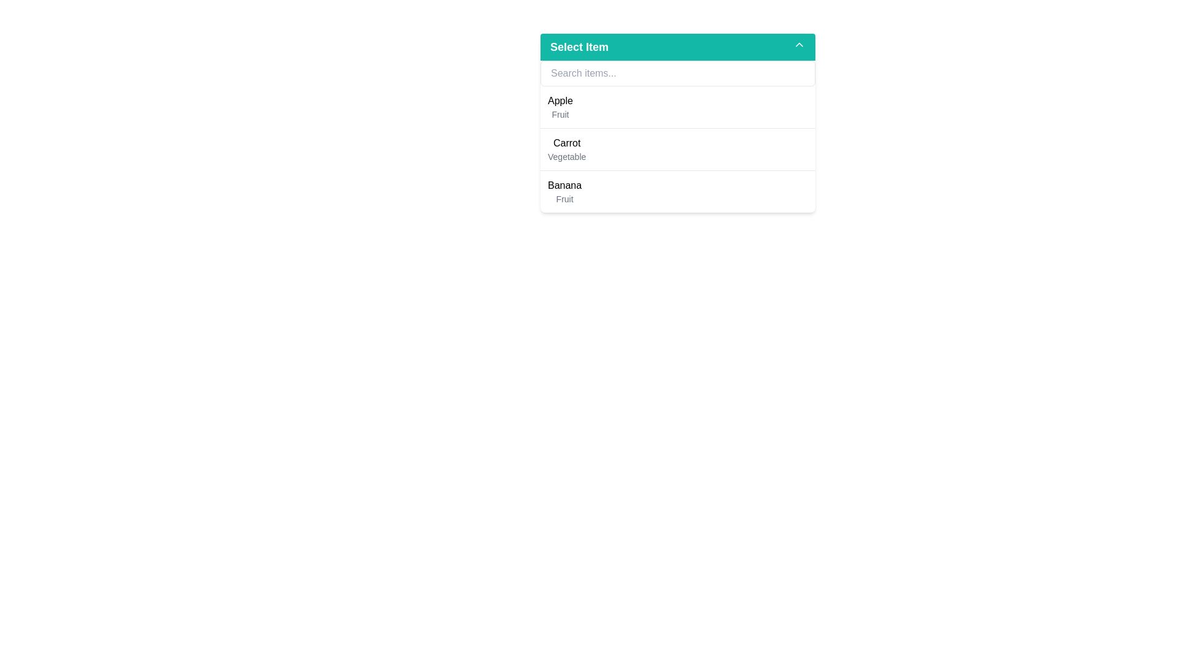 This screenshot has width=1178, height=662. I want to click on the text label 'Fruit' which is styled with a smaller font size and gray color, located directly beneath the text 'Apple' in the dropdown list under 'Select Item', so click(560, 114).